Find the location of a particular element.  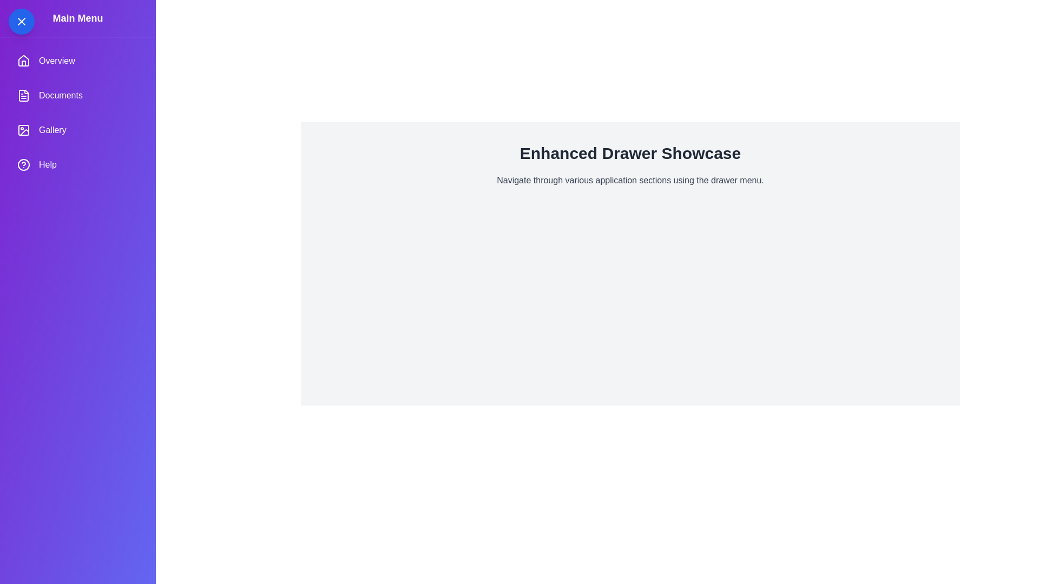

button at the top-left corner to toggle the visibility of the drawer menu is located at coordinates (21, 21).